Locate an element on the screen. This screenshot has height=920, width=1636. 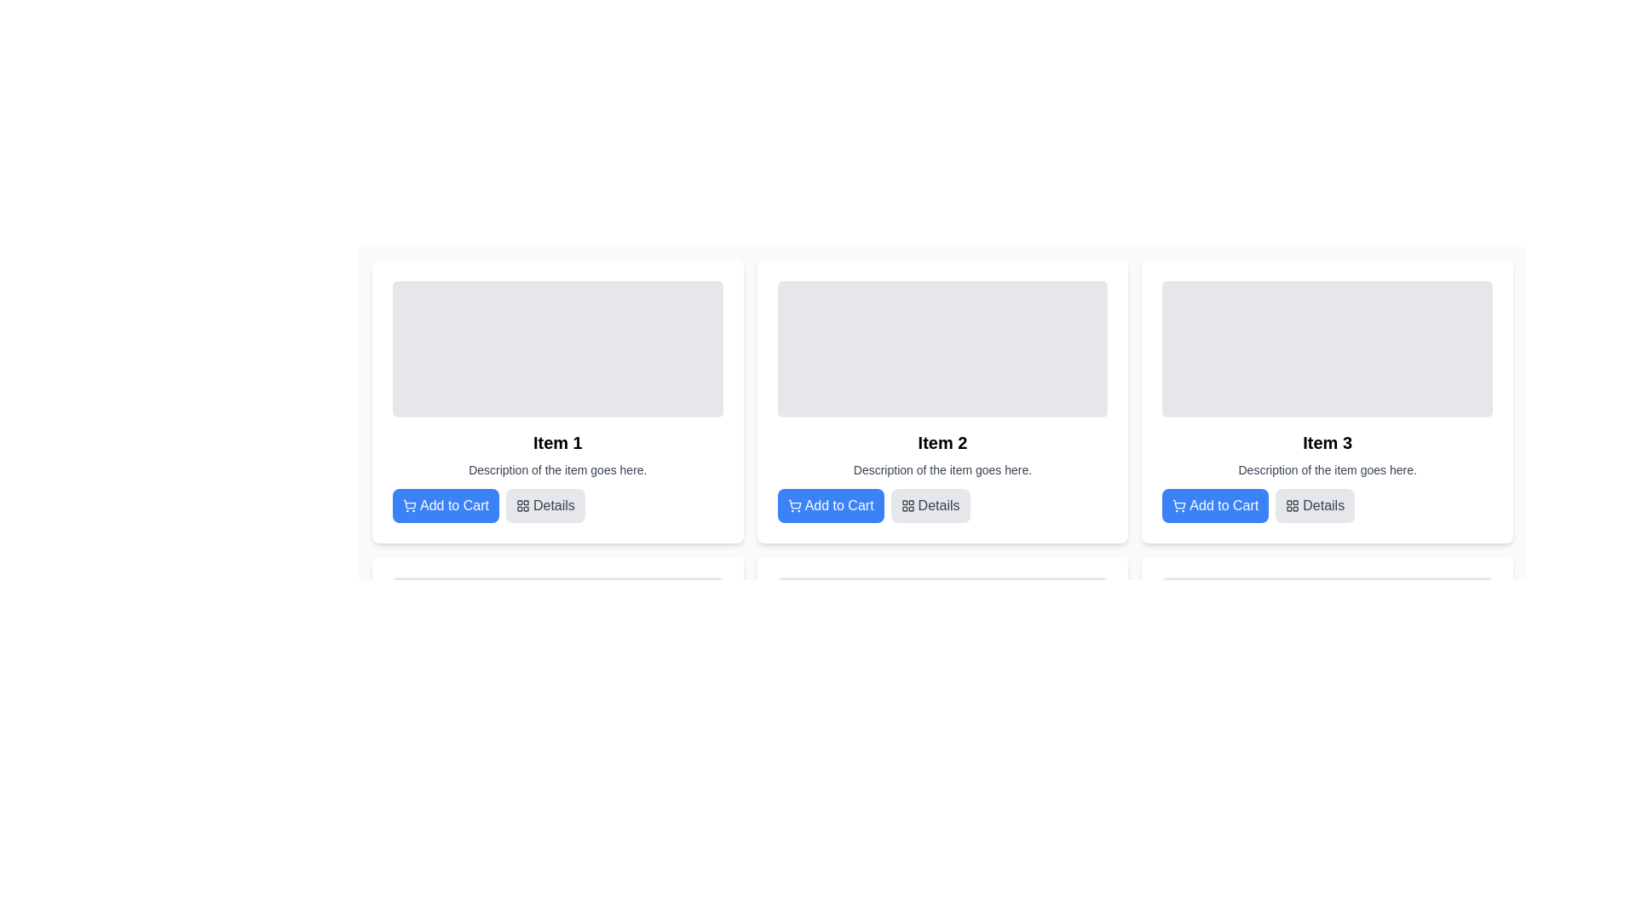
the shopping cart icon located within the blue 'Add to Cart' button, which is positioned below the 'Item 3: Description of the item goes here' header is located at coordinates (1178, 505).